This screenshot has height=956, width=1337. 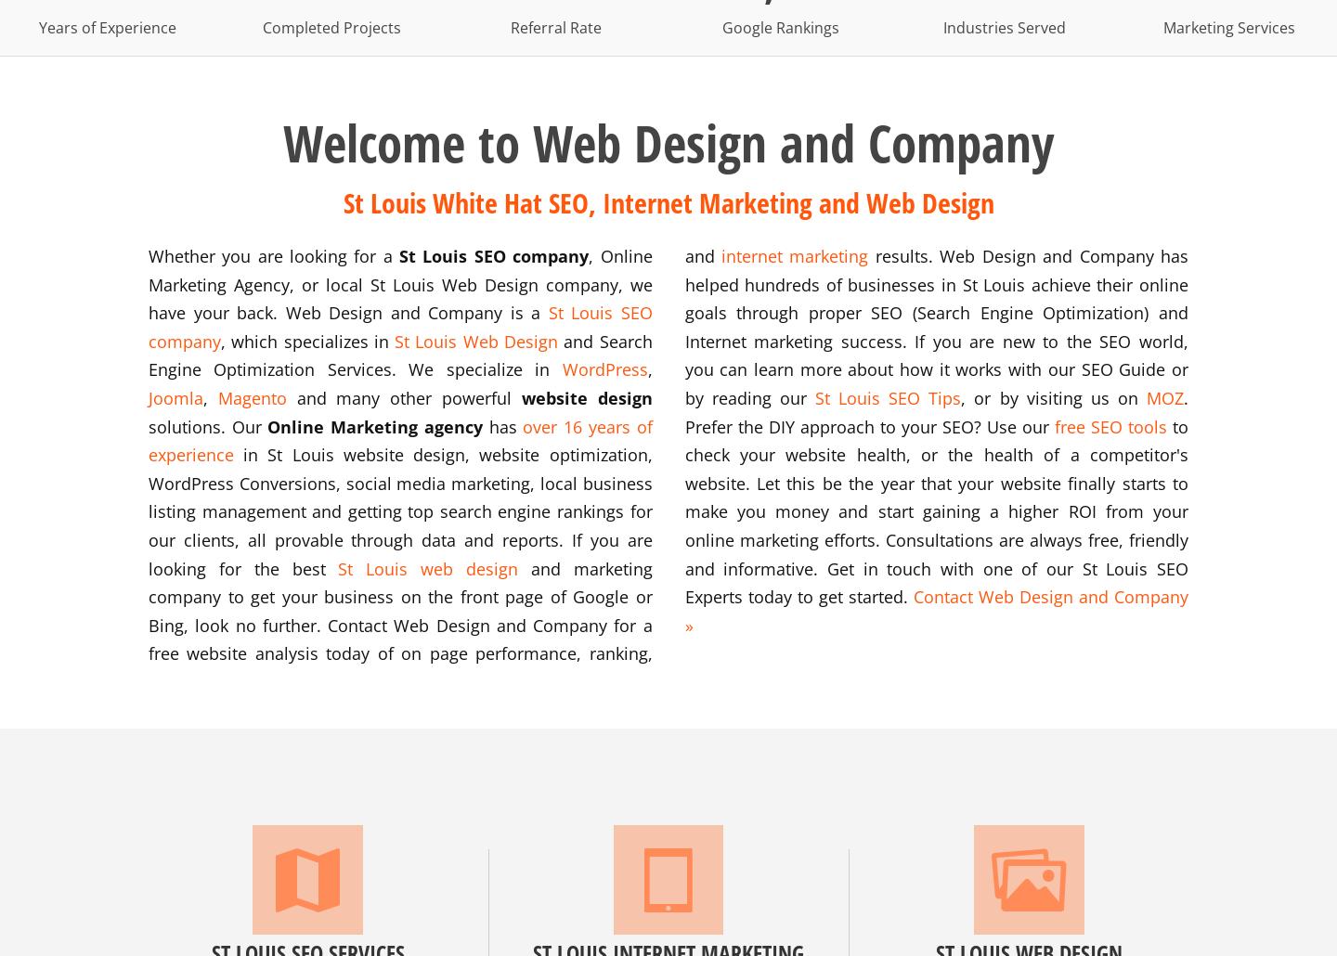 What do you see at coordinates (435, 453) in the screenshot?
I see `'and marketing company to get your business on the front page of Google or Bing, look no further. Contact Web Design and Company for a free website analysis today of on page performance, ranking, and'` at bounding box center [435, 453].